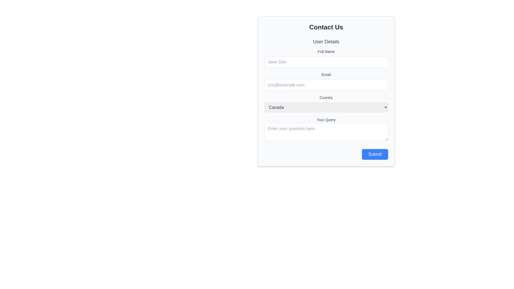  I want to click on the submit button located at the bottom of the form, so click(375, 154).